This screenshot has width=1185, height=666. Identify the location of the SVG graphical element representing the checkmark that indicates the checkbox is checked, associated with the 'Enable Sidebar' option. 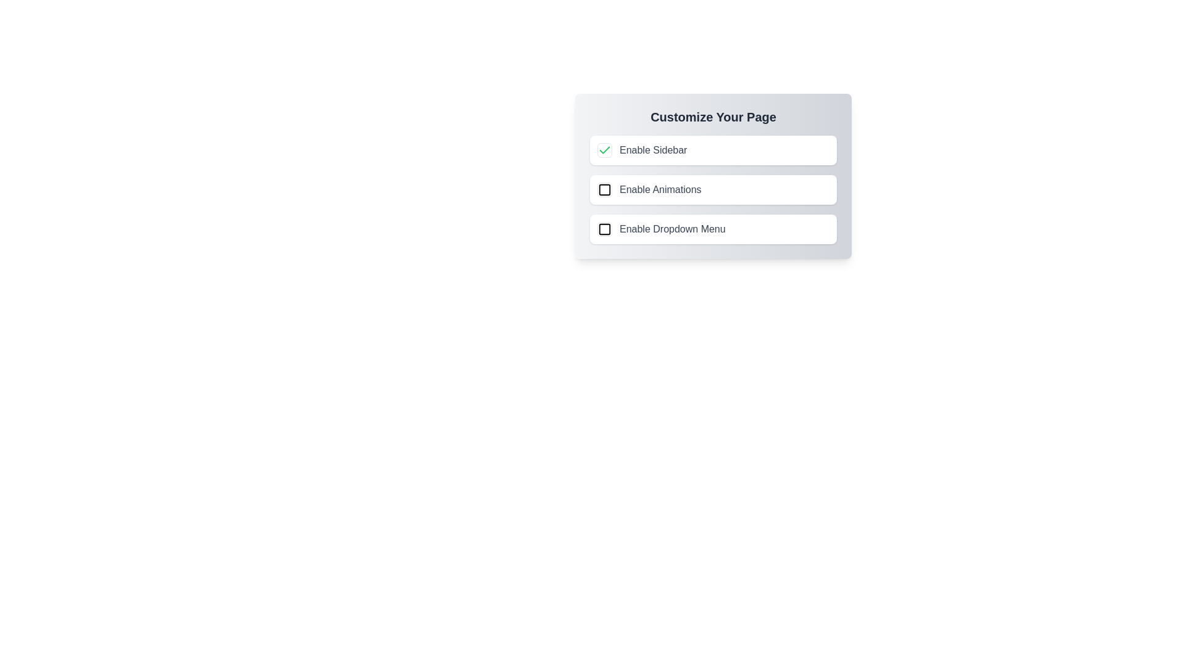
(604, 149).